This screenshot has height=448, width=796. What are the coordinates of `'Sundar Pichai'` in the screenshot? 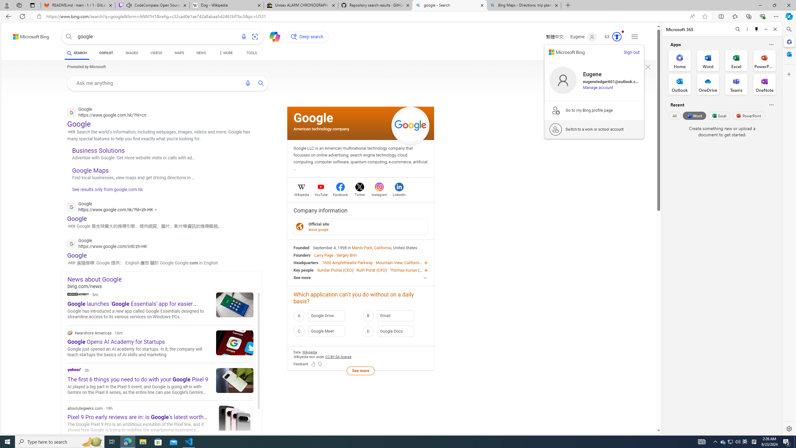 It's located at (329, 269).